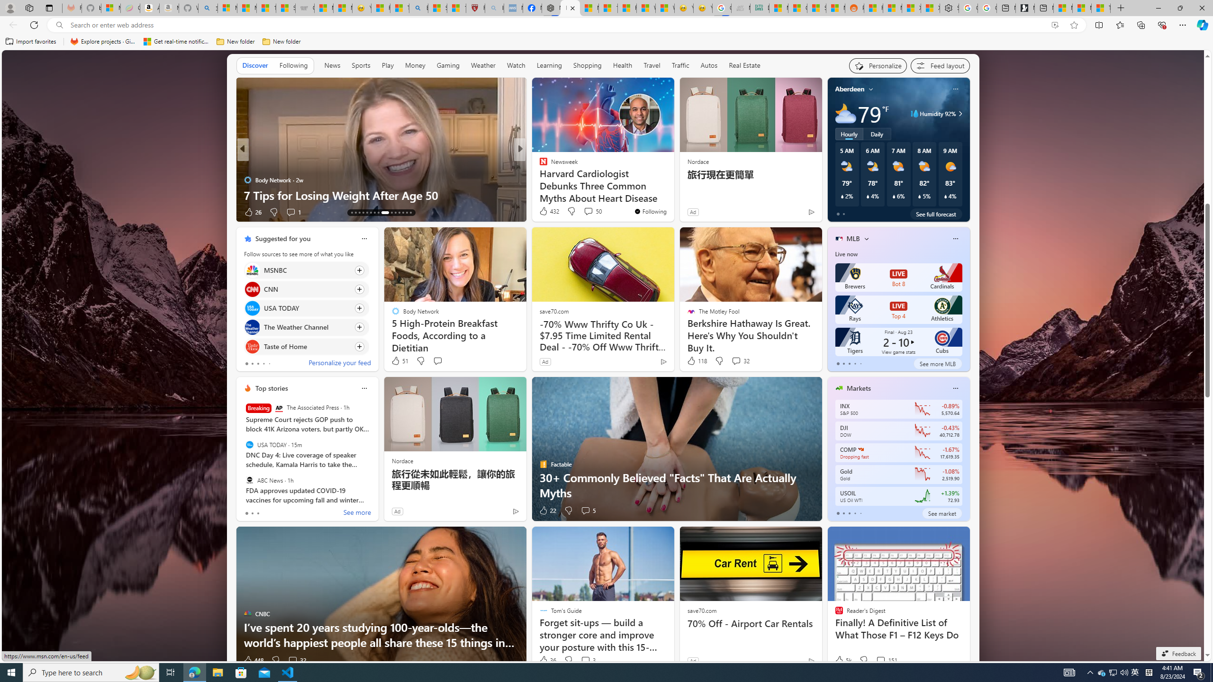 The image size is (1213, 682). I want to click on 'Gaming', so click(448, 65).